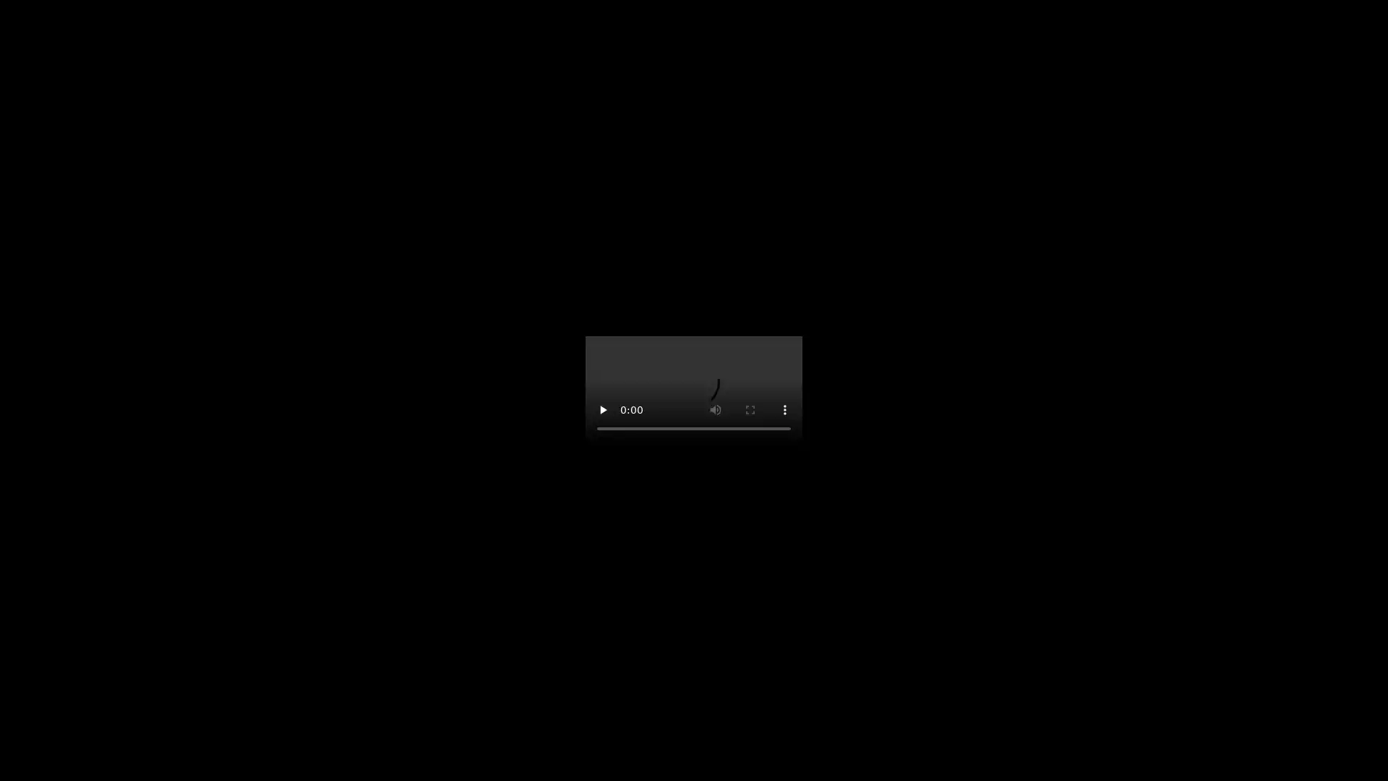 The width and height of the screenshot is (1388, 781). Describe the element at coordinates (604, 424) in the screenshot. I see `pause` at that location.